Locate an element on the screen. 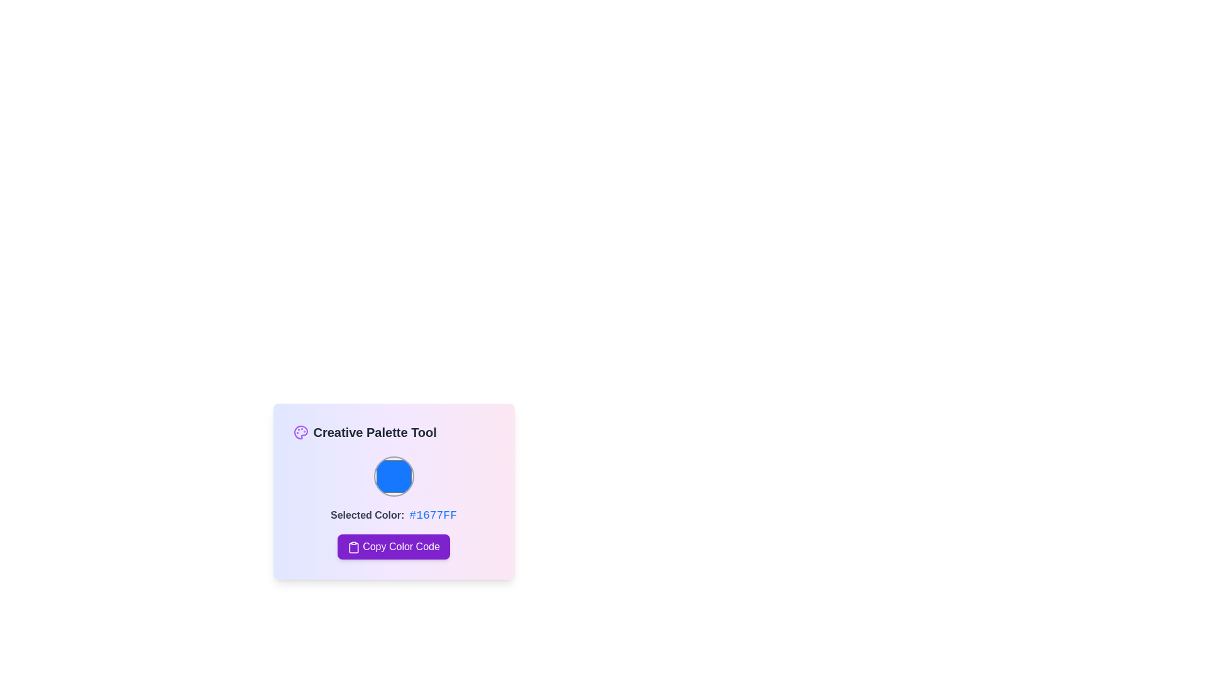  the decorative icon that visually complements the title 'Creative Palette Tool', positioned to the left of the text is located at coordinates (300, 431).